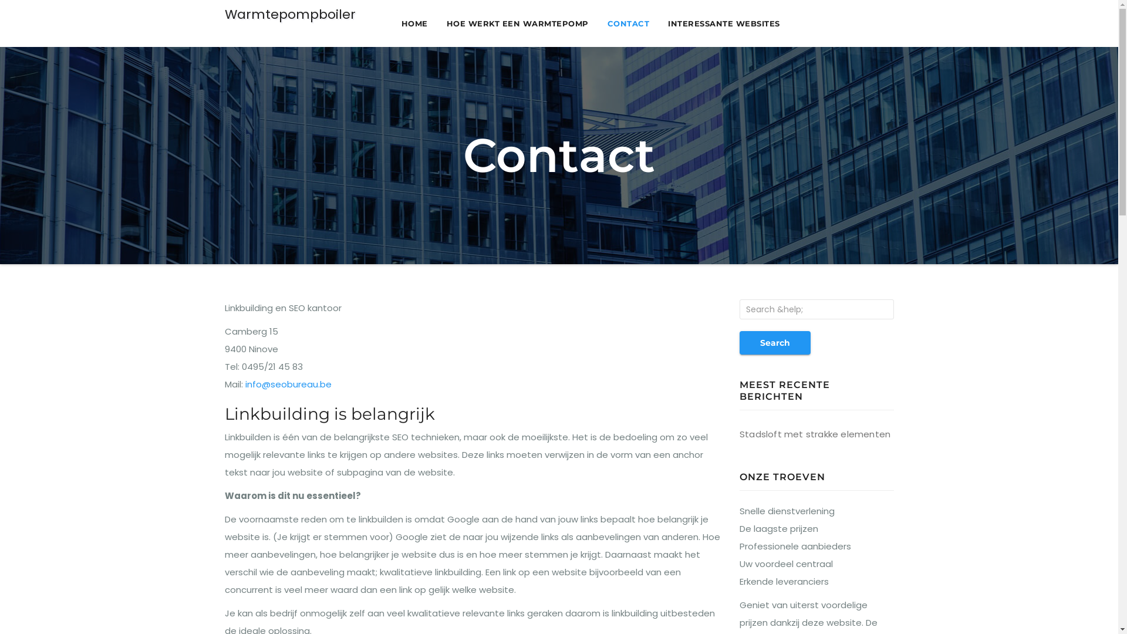 This screenshot has height=634, width=1127. I want to click on 'HOME', so click(414, 23).